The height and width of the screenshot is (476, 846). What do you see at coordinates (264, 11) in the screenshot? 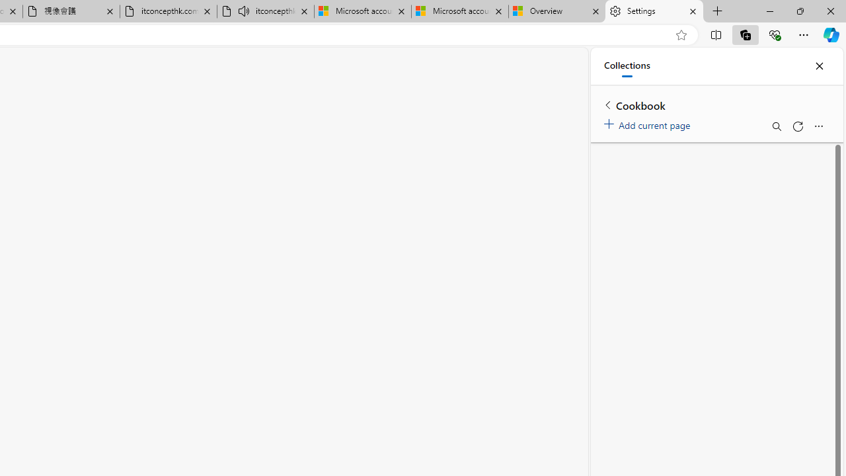
I see `'itconcepthk.com/projector_solutions.mp4 - Audio playing'` at bounding box center [264, 11].